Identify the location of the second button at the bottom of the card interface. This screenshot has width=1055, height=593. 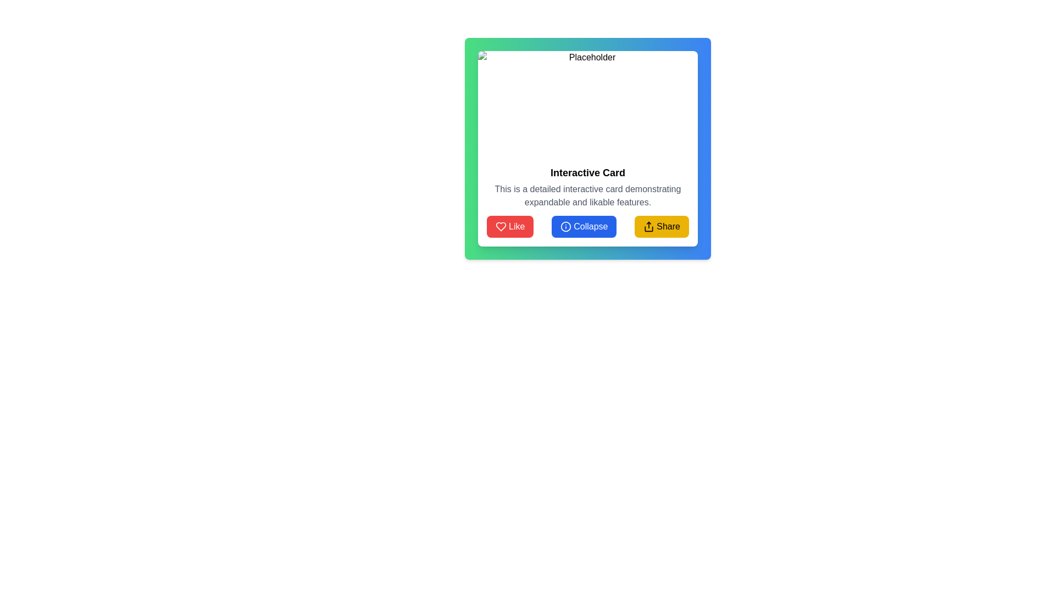
(587, 226).